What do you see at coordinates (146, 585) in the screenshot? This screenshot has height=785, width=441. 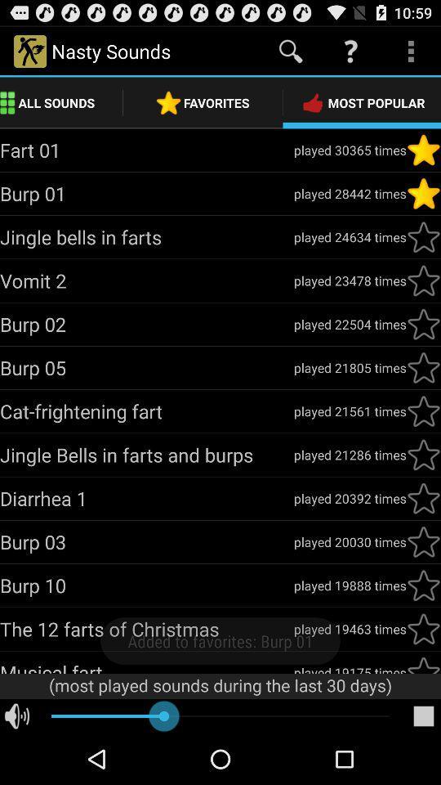 I see `the burp 10 app` at bounding box center [146, 585].